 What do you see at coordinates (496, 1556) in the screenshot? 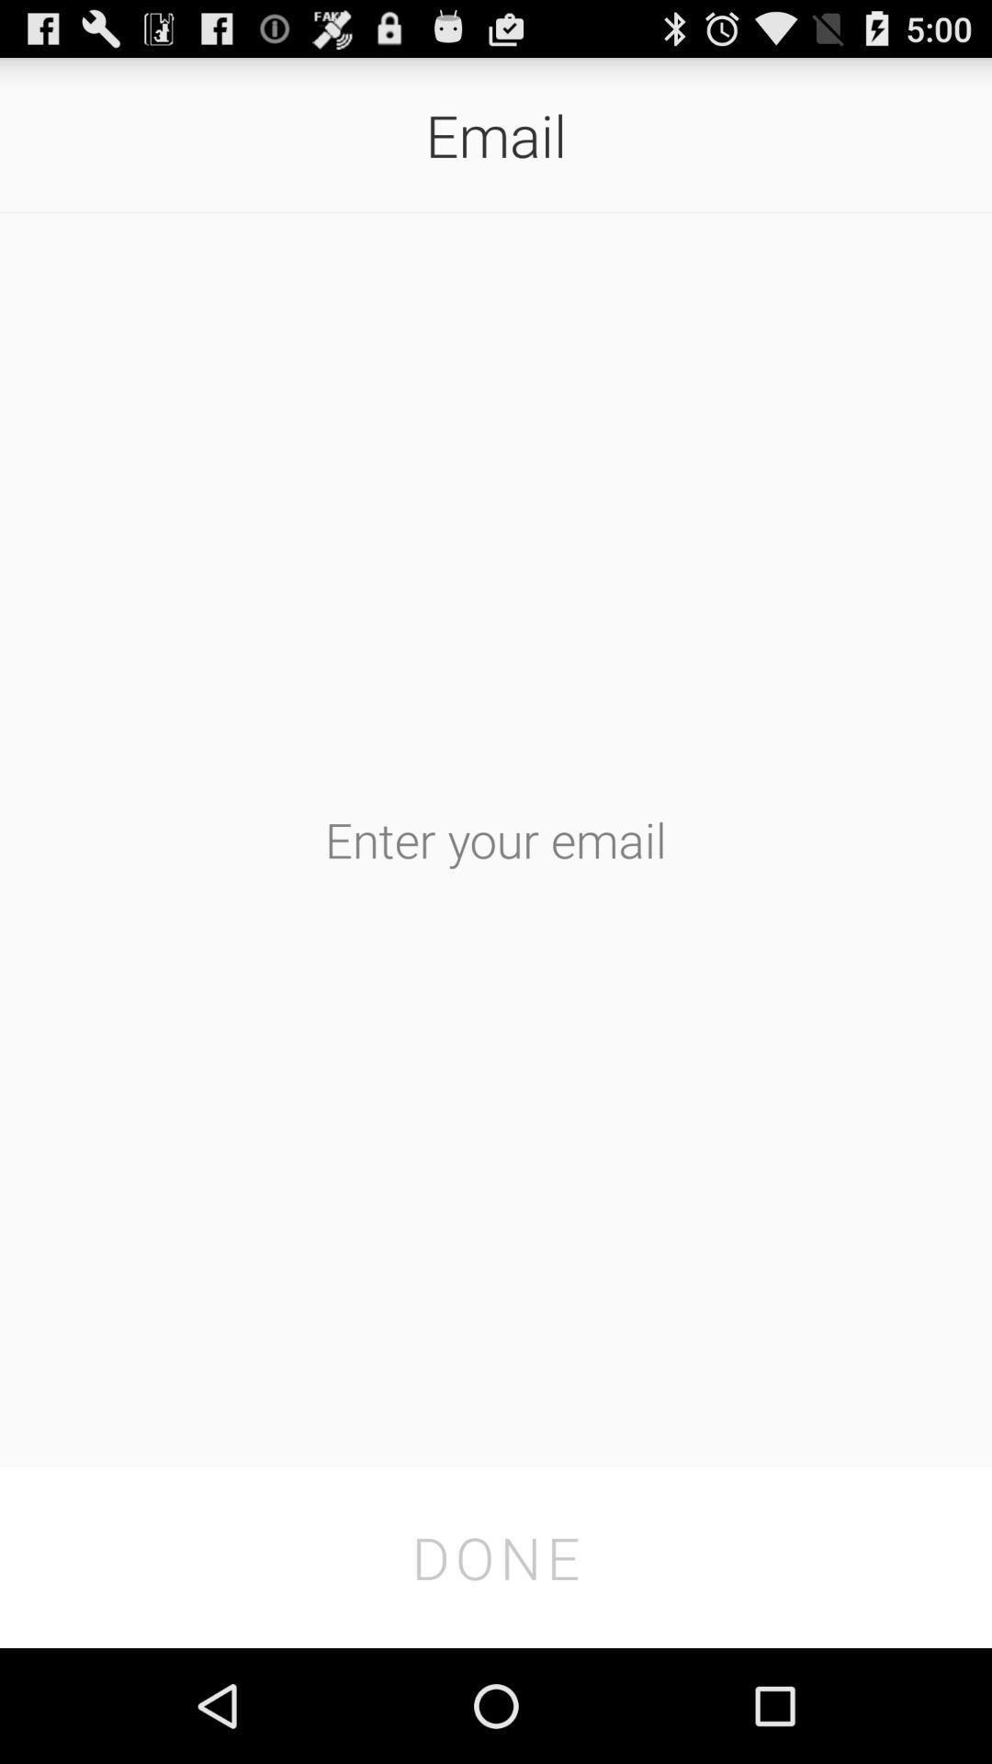
I see `done icon` at bounding box center [496, 1556].